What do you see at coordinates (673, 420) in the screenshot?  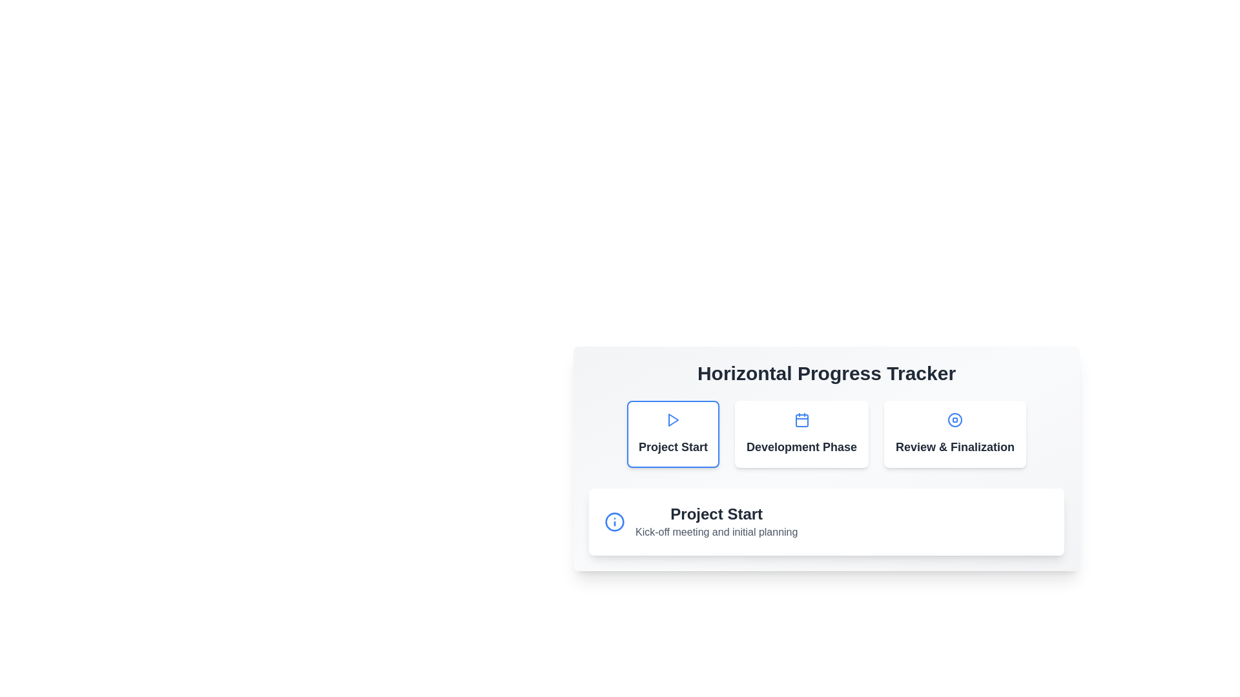 I see `the triangular-shaped play button icon in the progress tracker` at bounding box center [673, 420].